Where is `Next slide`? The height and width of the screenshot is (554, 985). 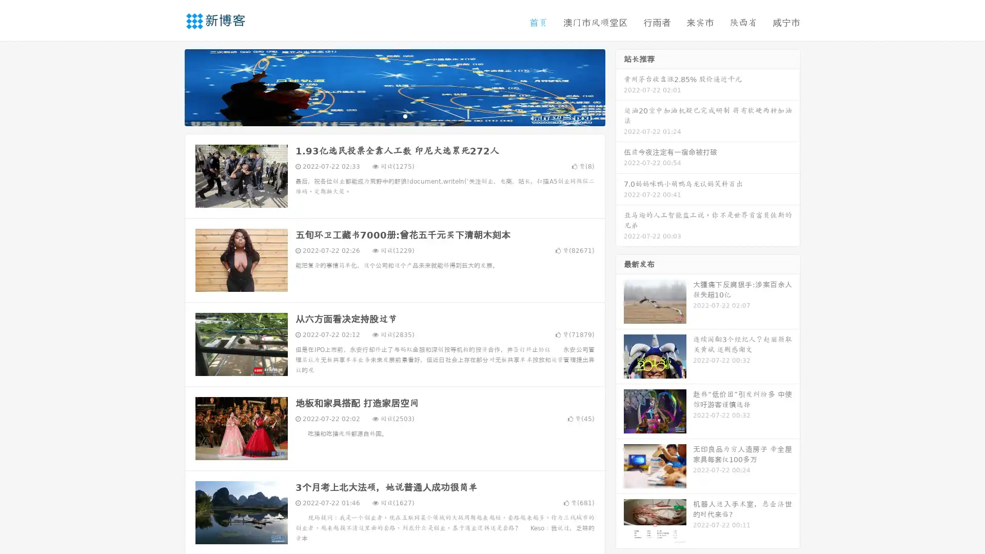 Next slide is located at coordinates (620, 86).